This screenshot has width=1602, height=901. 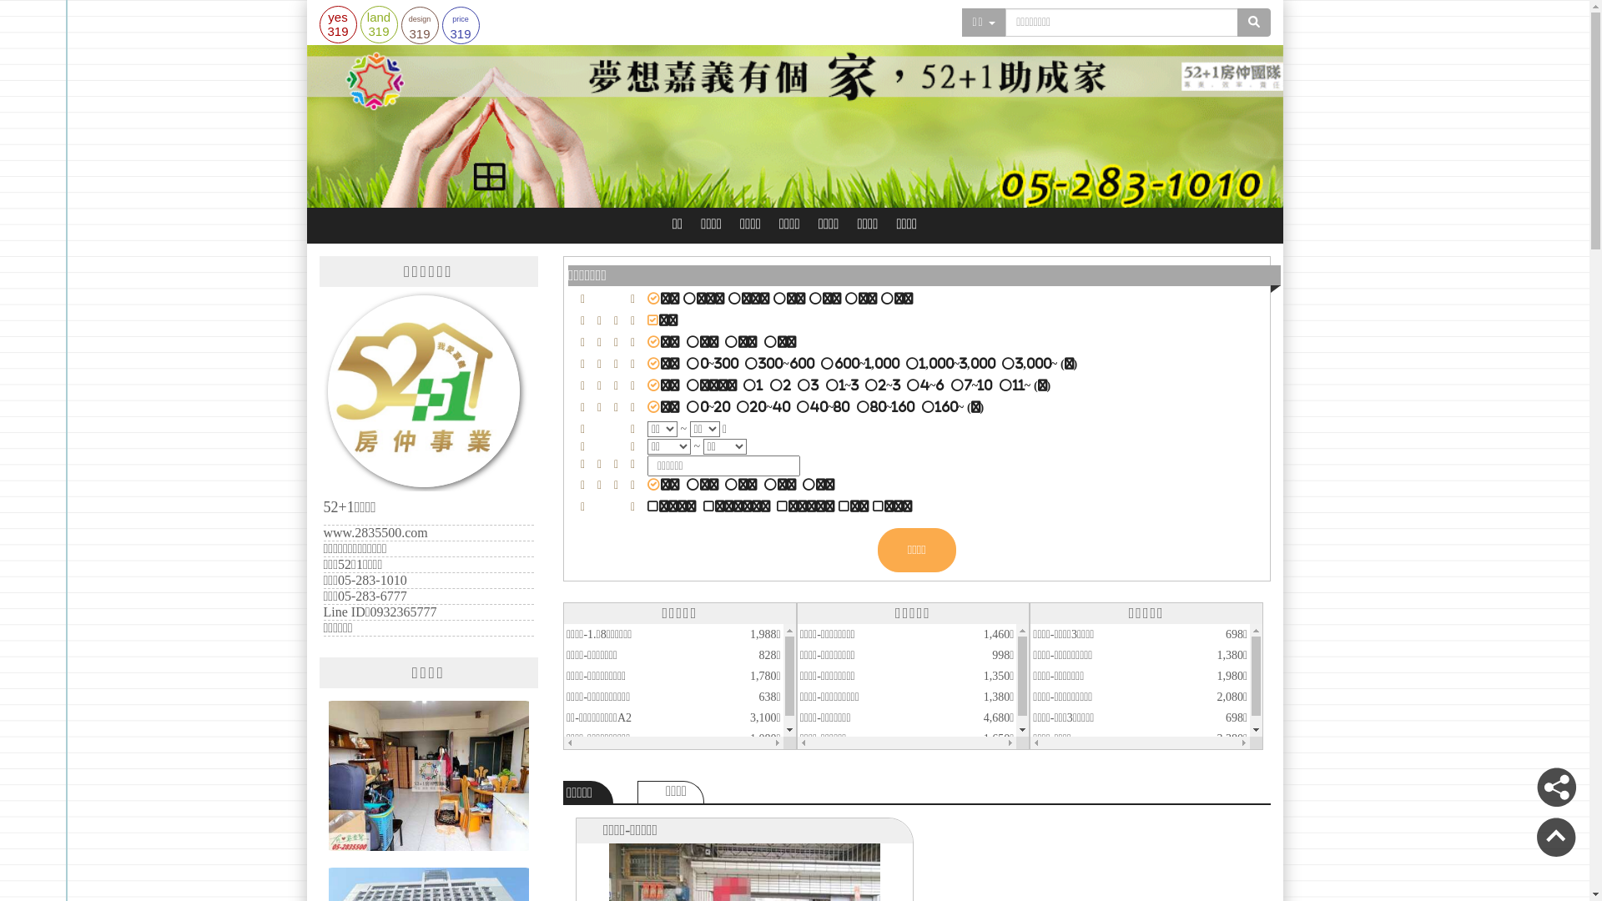 I want to click on 'www.2835500.com', so click(x=375, y=532).